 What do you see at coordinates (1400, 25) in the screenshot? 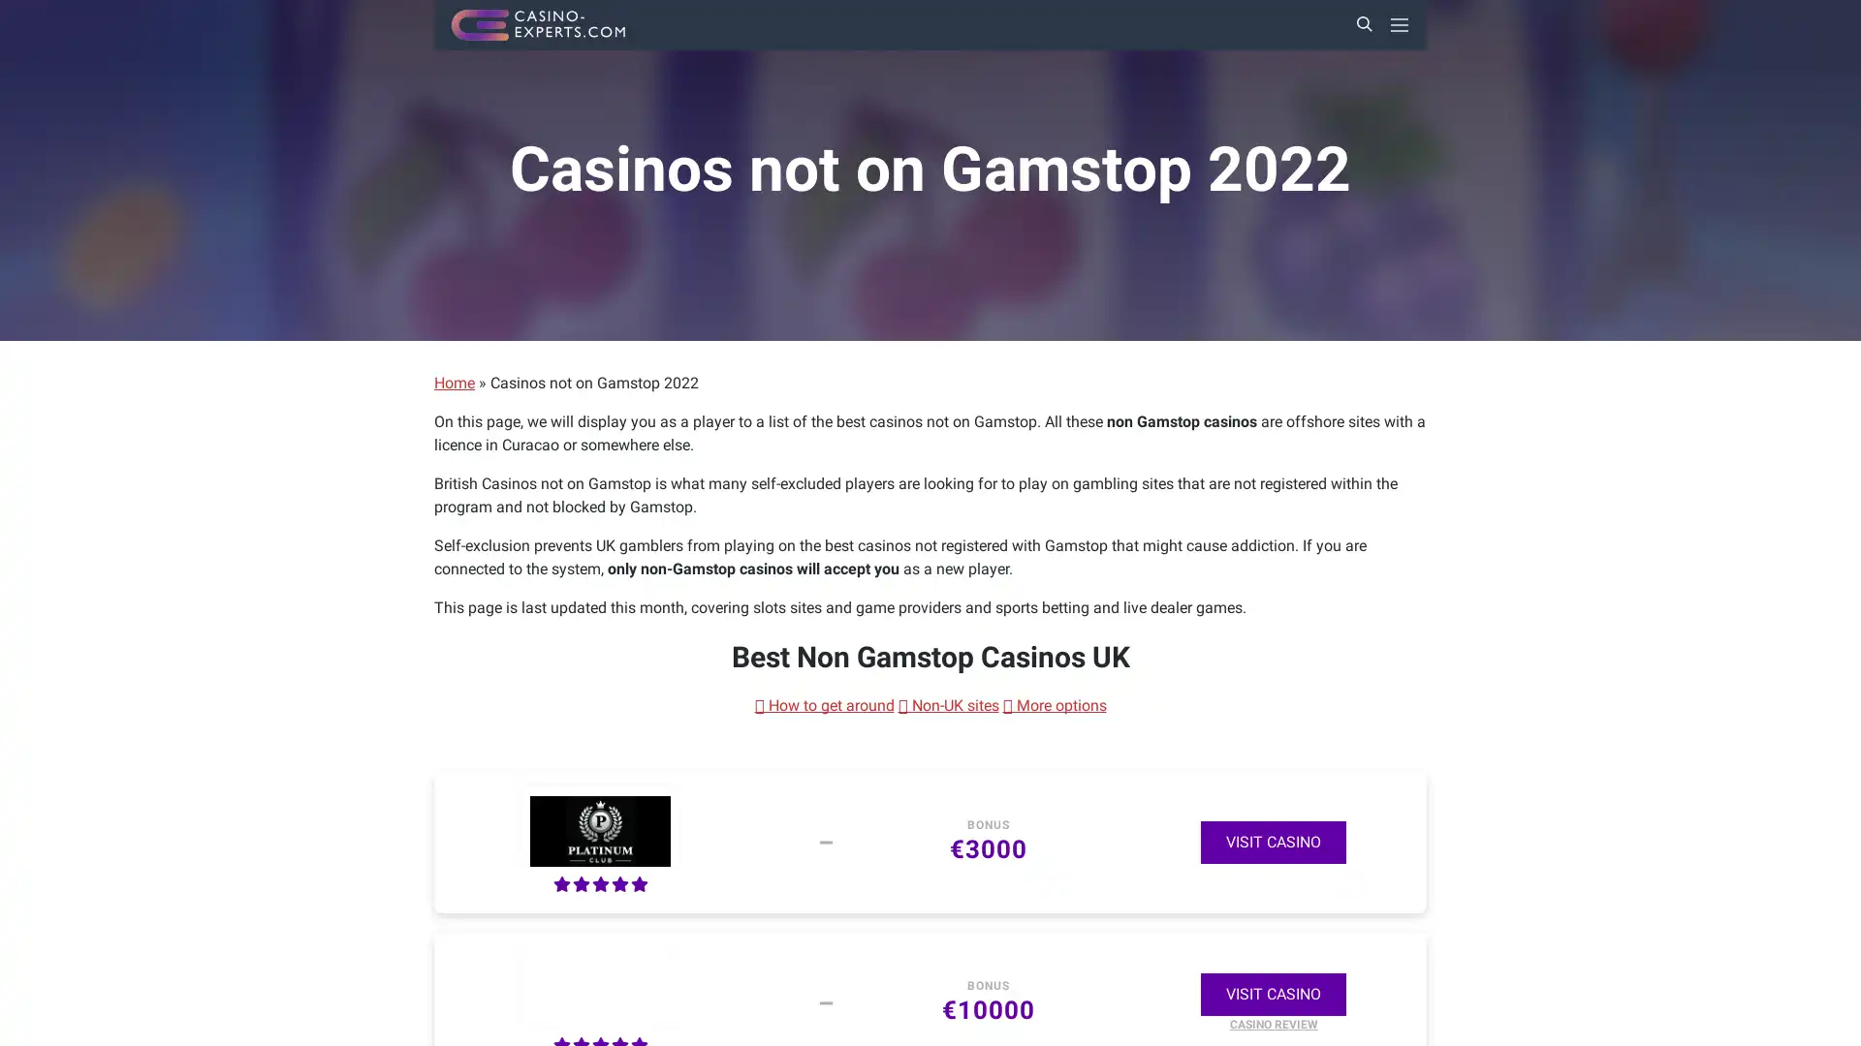
I see `Primary Menu` at bounding box center [1400, 25].